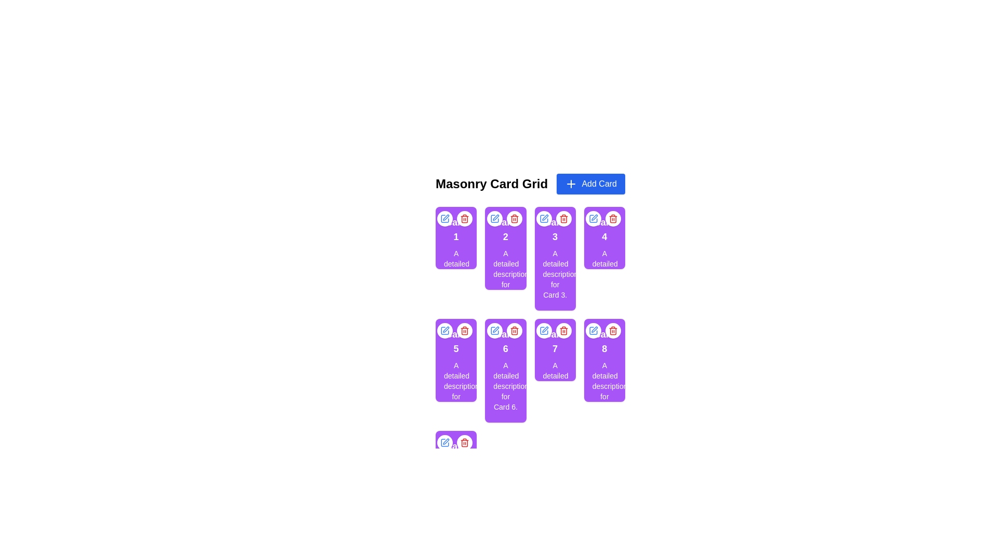 This screenshot has width=997, height=560. Describe the element at coordinates (445, 442) in the screenshot. I see `the small blue pen icon inside the white circular button located above the last card in the masonry card grid` at that location.